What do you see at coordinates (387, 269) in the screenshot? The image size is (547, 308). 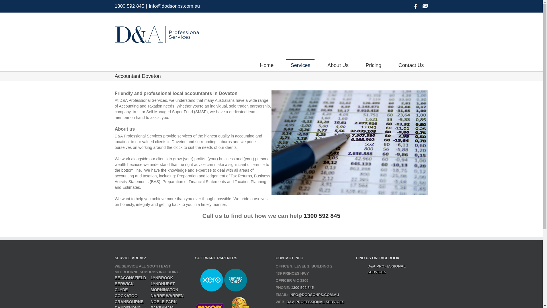 I see `'D&A PROFESSIONAL SERVICES'` at bounding box center [387, 269].